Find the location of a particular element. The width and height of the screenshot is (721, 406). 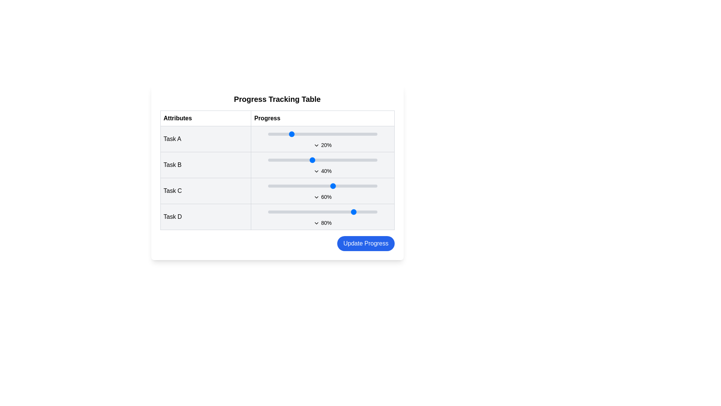

progress for Task D is located at coordinates (288, 212).